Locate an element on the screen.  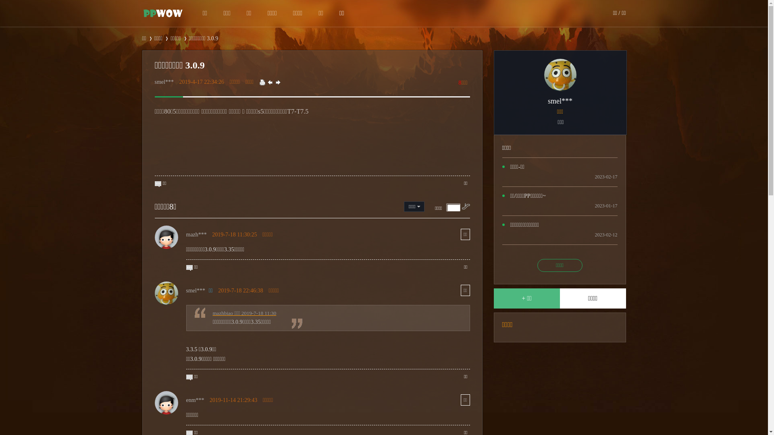
'enm***' is located at coordinates (195, 400).